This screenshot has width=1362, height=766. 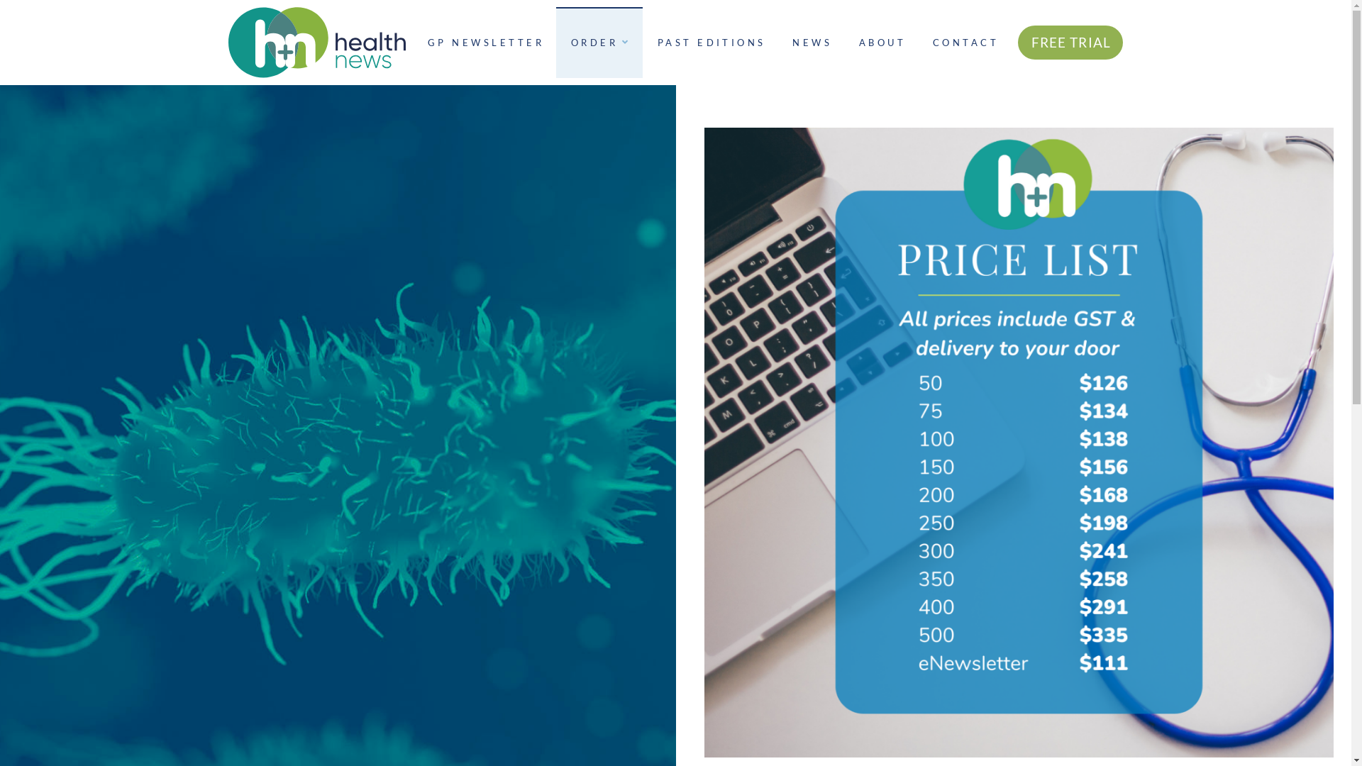 I want to click on 'NEWS', so click(x=810, y=42).